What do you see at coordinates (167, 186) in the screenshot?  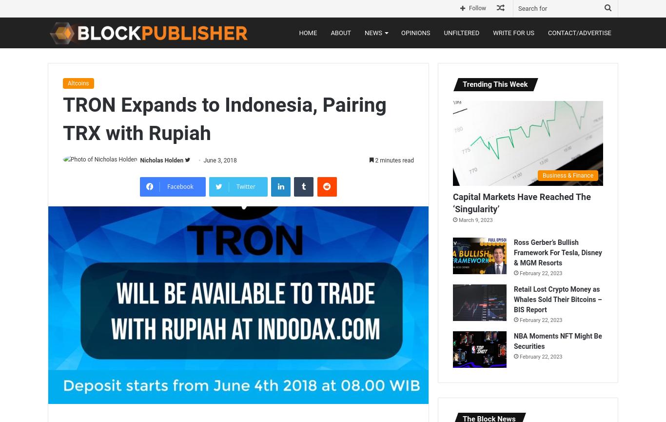 I see `'Facebook'` at bounding box center [167, 186].